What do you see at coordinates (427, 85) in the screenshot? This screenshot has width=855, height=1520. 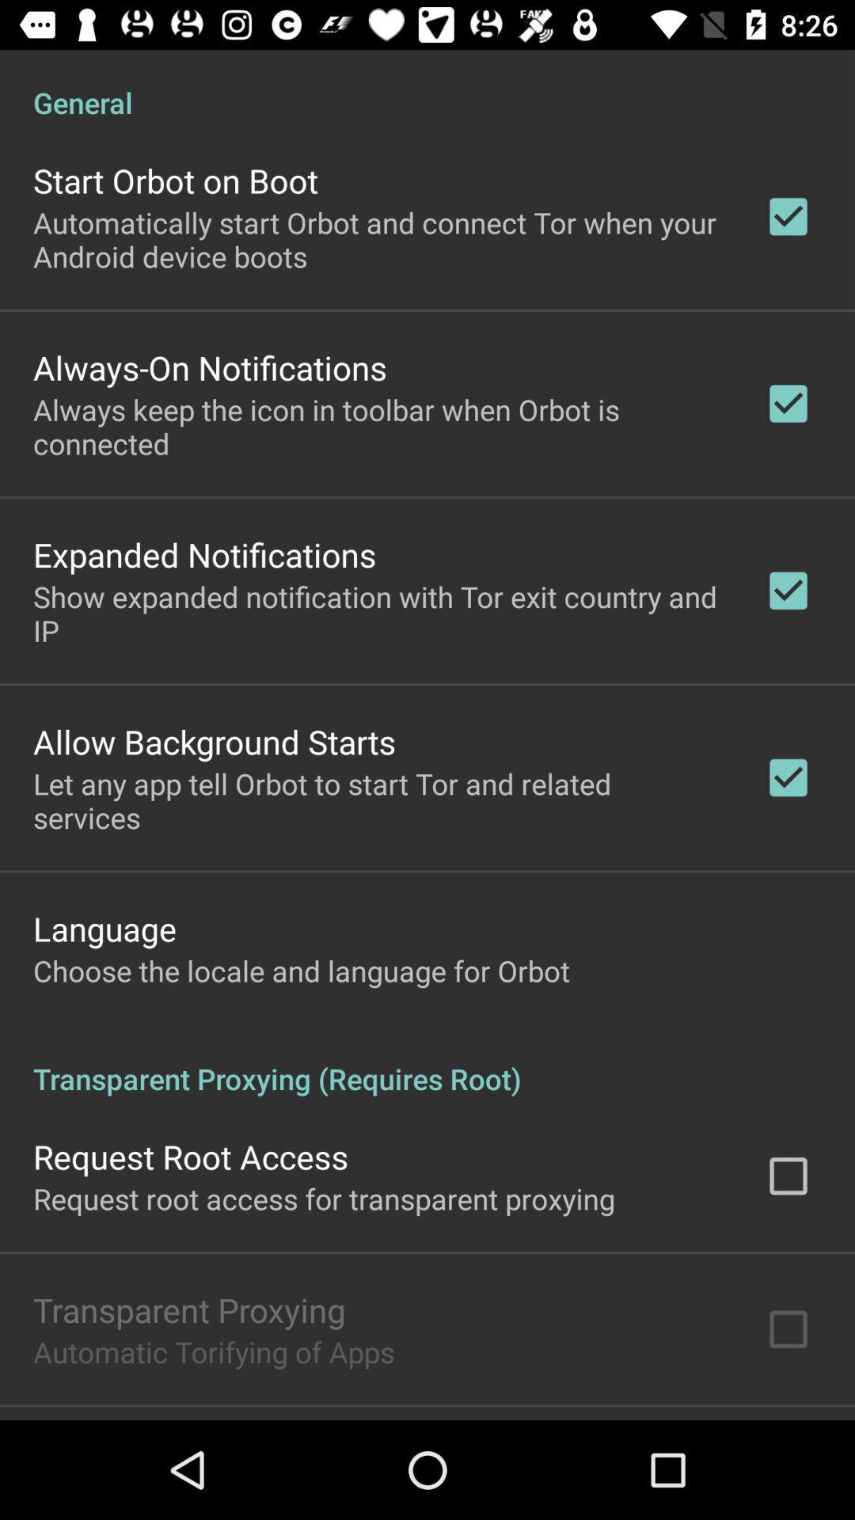 I see `app above the start orbot on item` at bounding box center [427, 85].